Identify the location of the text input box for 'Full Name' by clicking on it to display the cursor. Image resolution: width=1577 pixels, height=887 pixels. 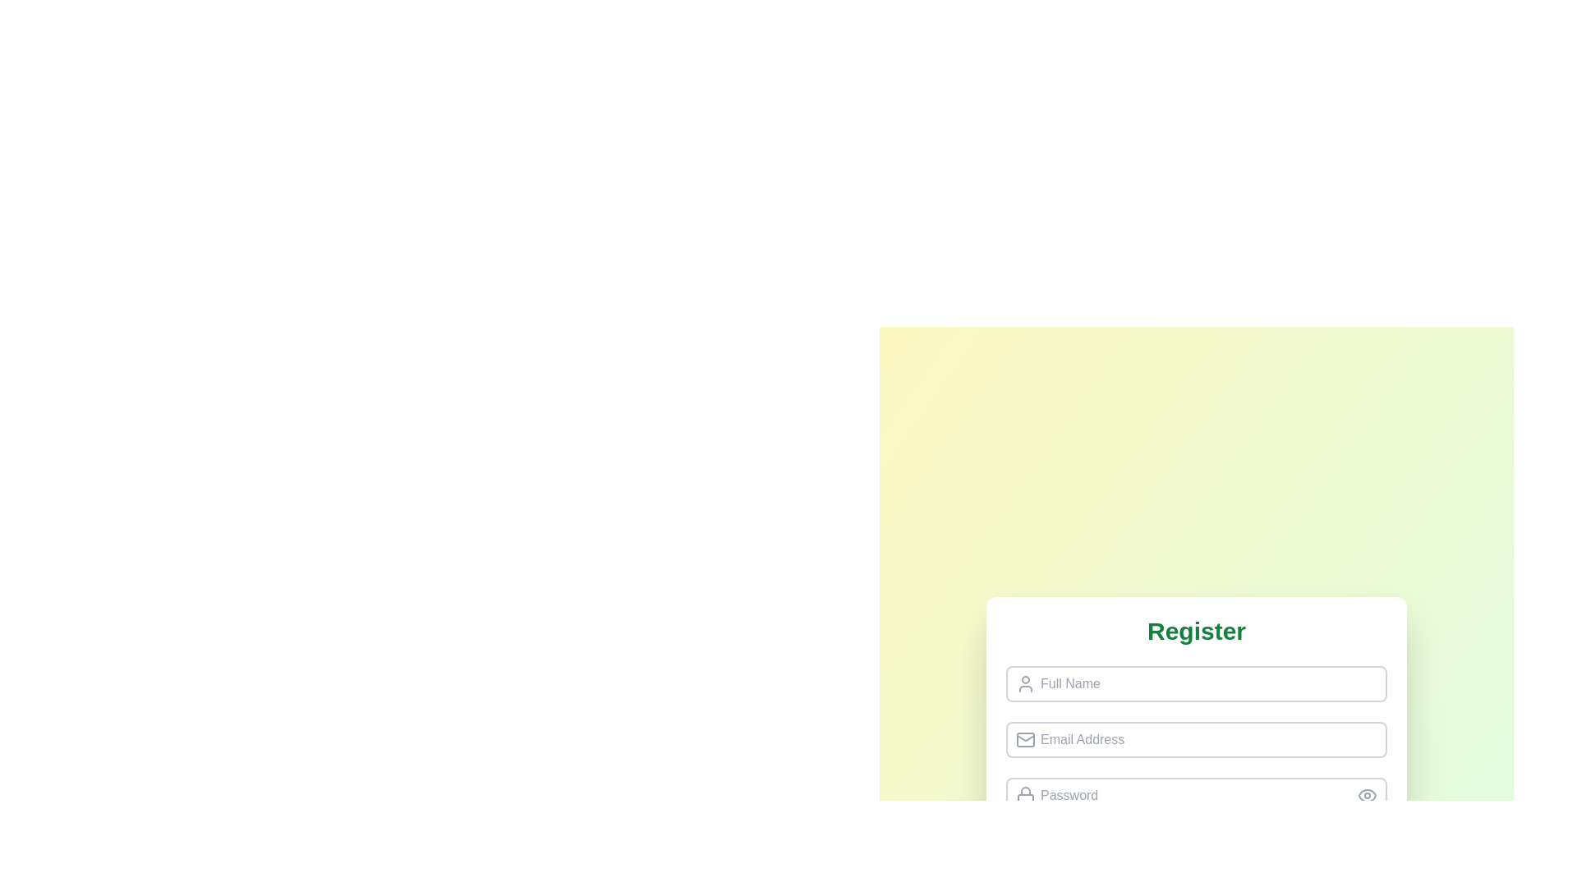
(1197, 684).